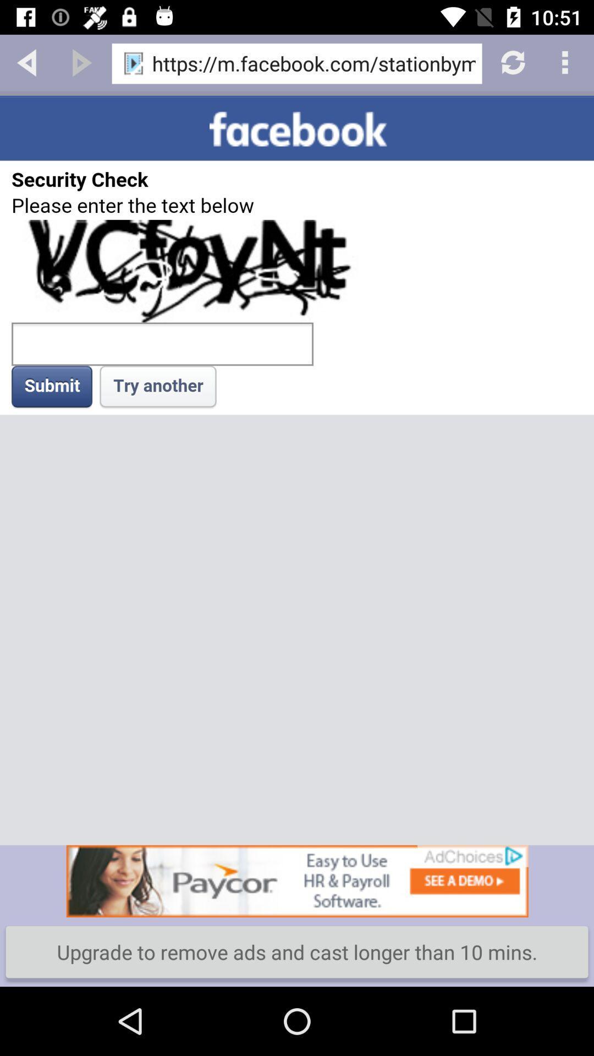 The image size is (594, 1056). Describe the element at coordinates (297, 470) in the screenshot. I see `facebook app` at that location.